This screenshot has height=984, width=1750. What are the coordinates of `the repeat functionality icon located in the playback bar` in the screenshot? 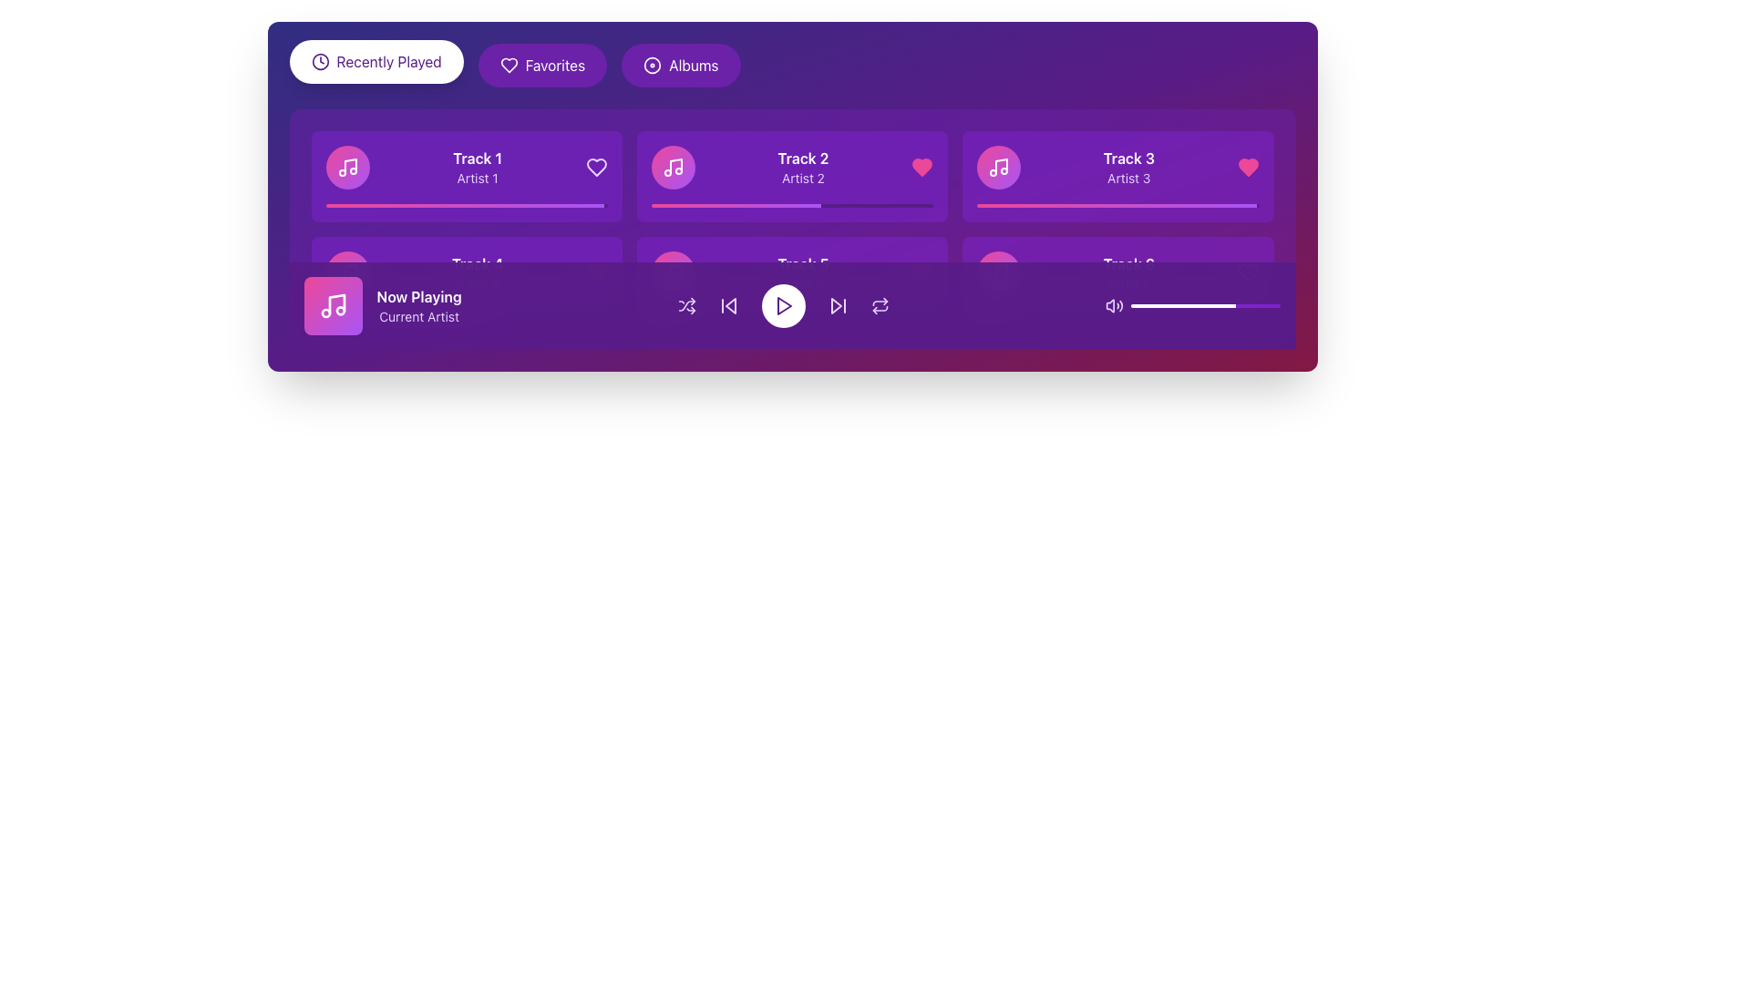 It's located at (880, 307).